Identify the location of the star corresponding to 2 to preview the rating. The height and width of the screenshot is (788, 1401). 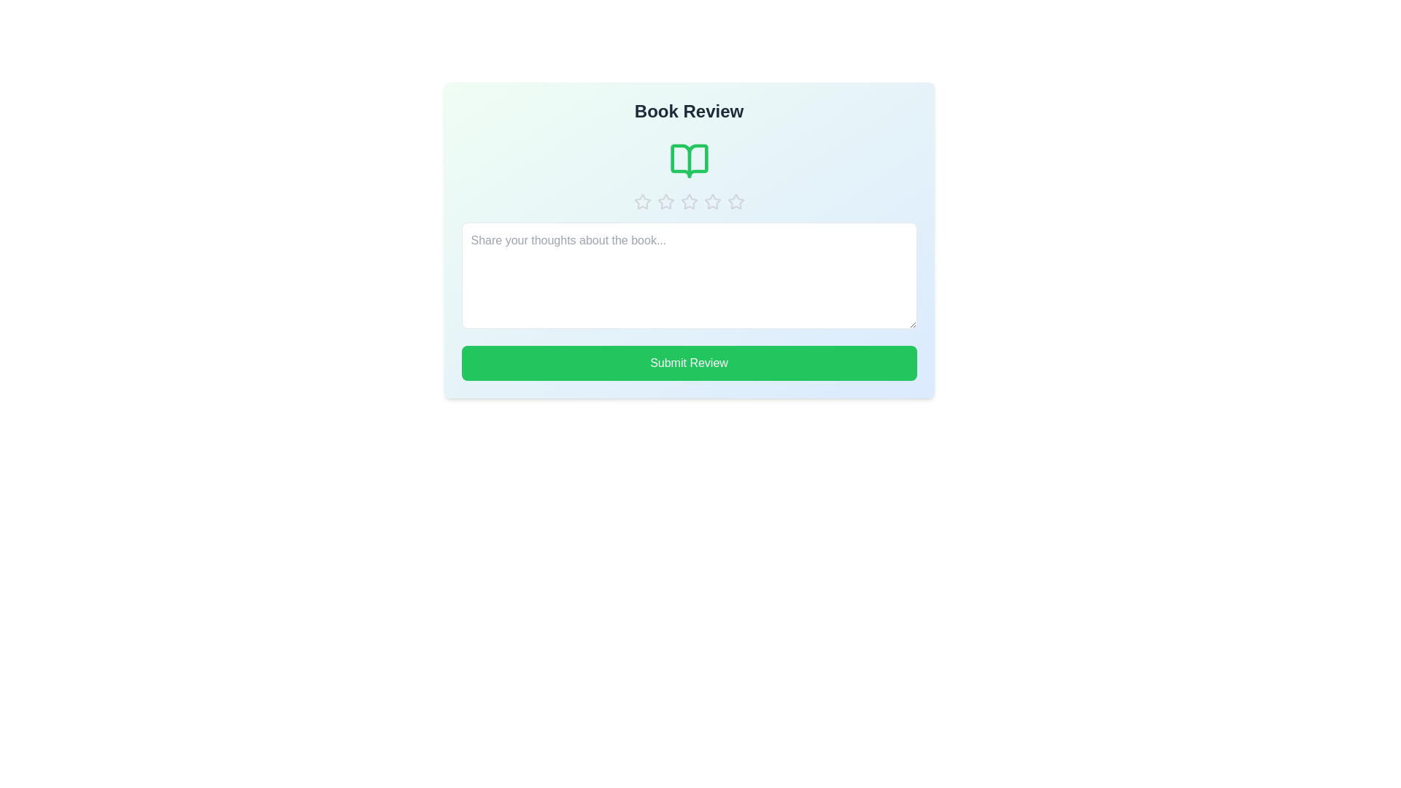
(665, 202).